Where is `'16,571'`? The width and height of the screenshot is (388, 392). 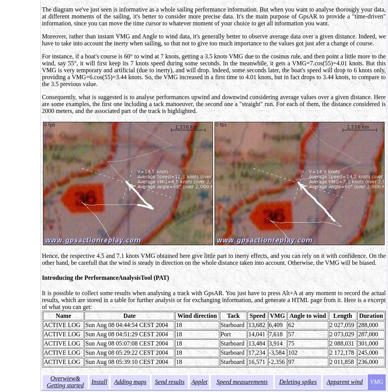 '16,571' is located at coordinates (256, 361).